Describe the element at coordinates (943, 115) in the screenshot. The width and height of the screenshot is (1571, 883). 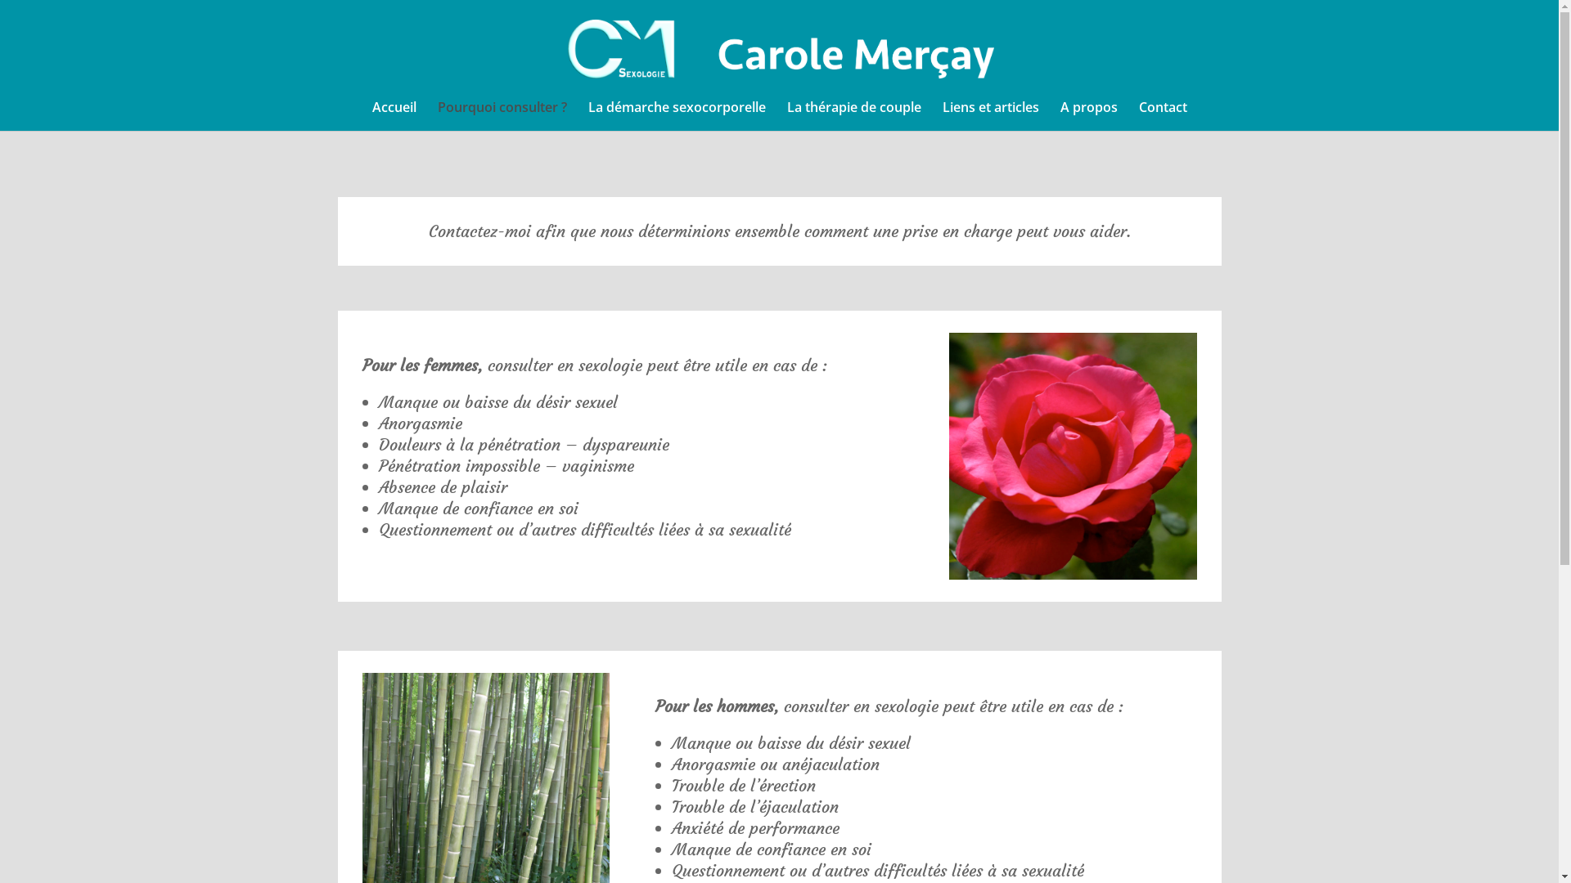
I see `'Liens et articles'` at that location.